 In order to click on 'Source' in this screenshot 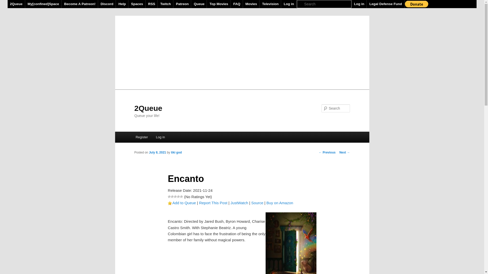, I will do `click(251, 202)`.